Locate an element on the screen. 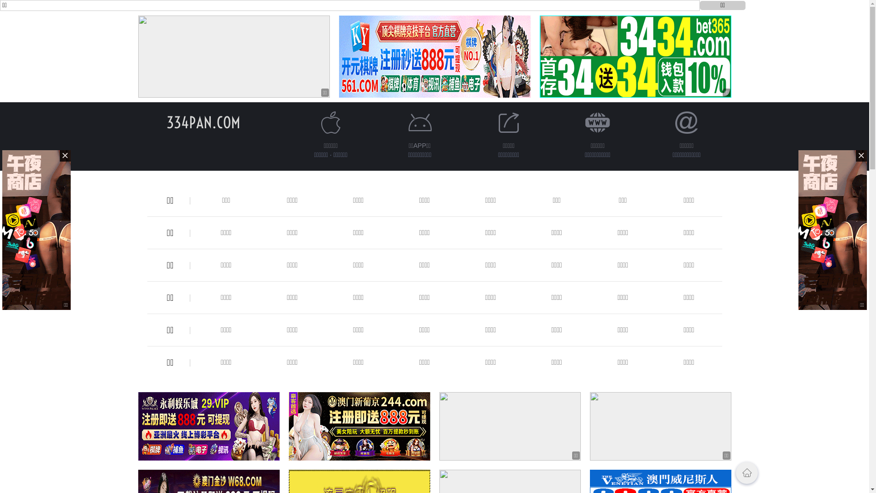 The image size is (876, 493). '334PAN.COM' is located at coordinates (203, 122).